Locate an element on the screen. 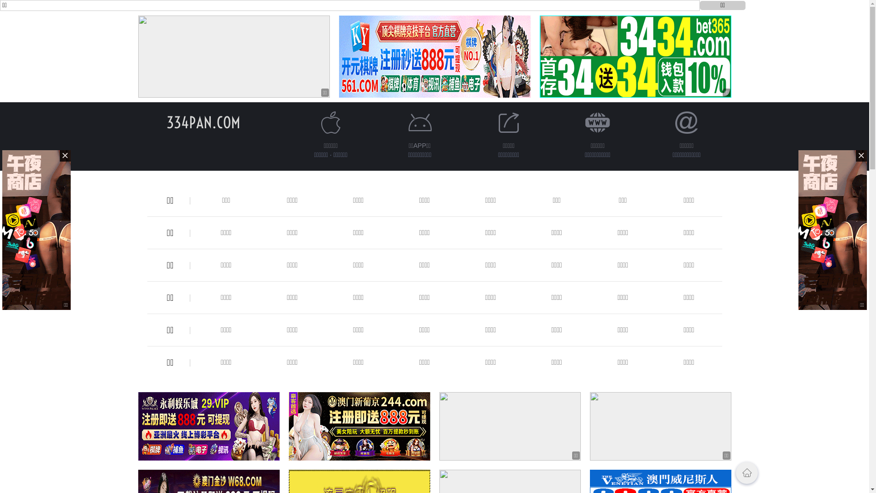 The image size is (876, 493). '334PAN.COM' is located at coordinates (203, 122).